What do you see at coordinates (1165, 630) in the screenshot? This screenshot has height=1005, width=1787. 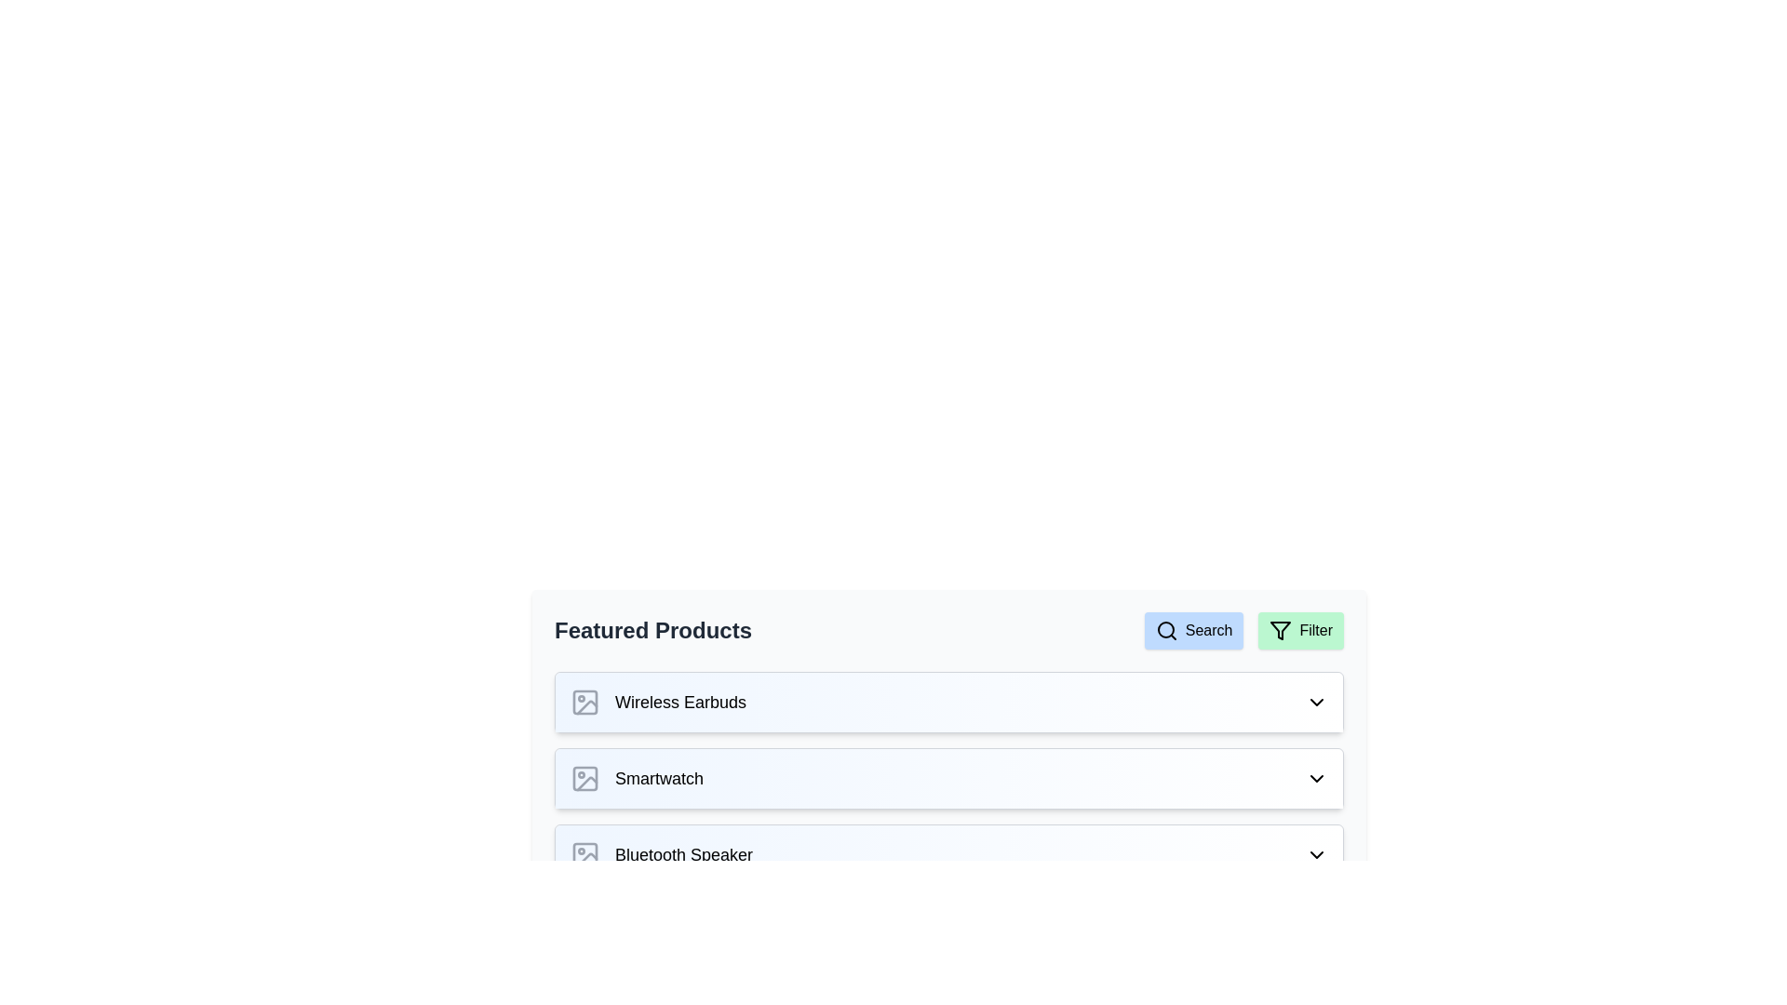 I see `the search icon, which is a magnifying glass located within a blue button labeled 'Search' at the top-right section of the content panel` at bounding box center [1165, 630].